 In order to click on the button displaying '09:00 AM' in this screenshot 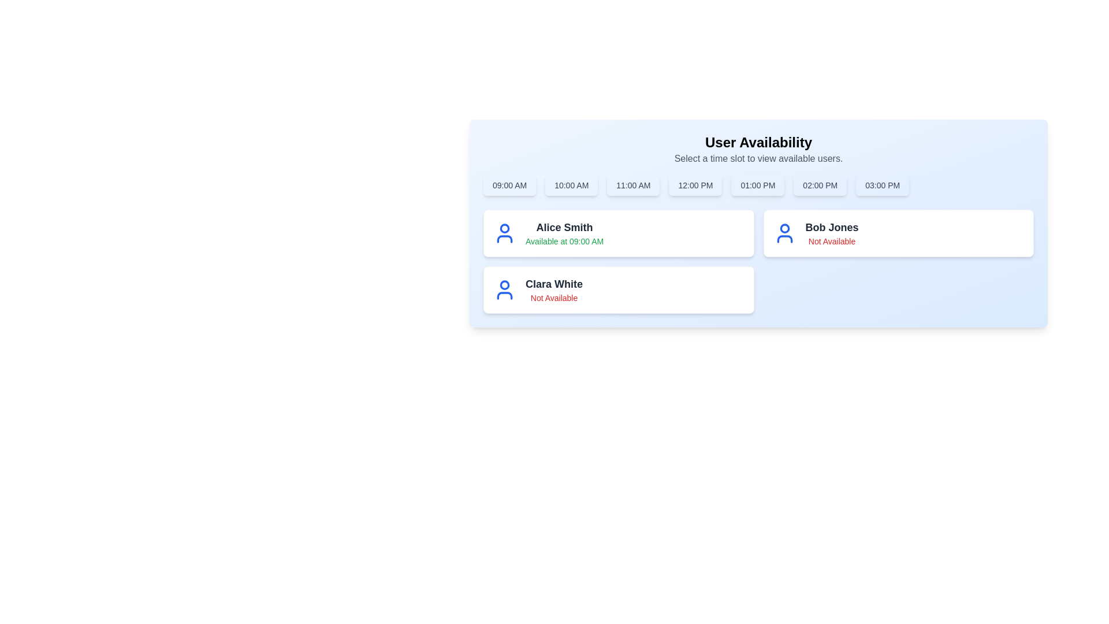, I will do `click(509, 184)`.